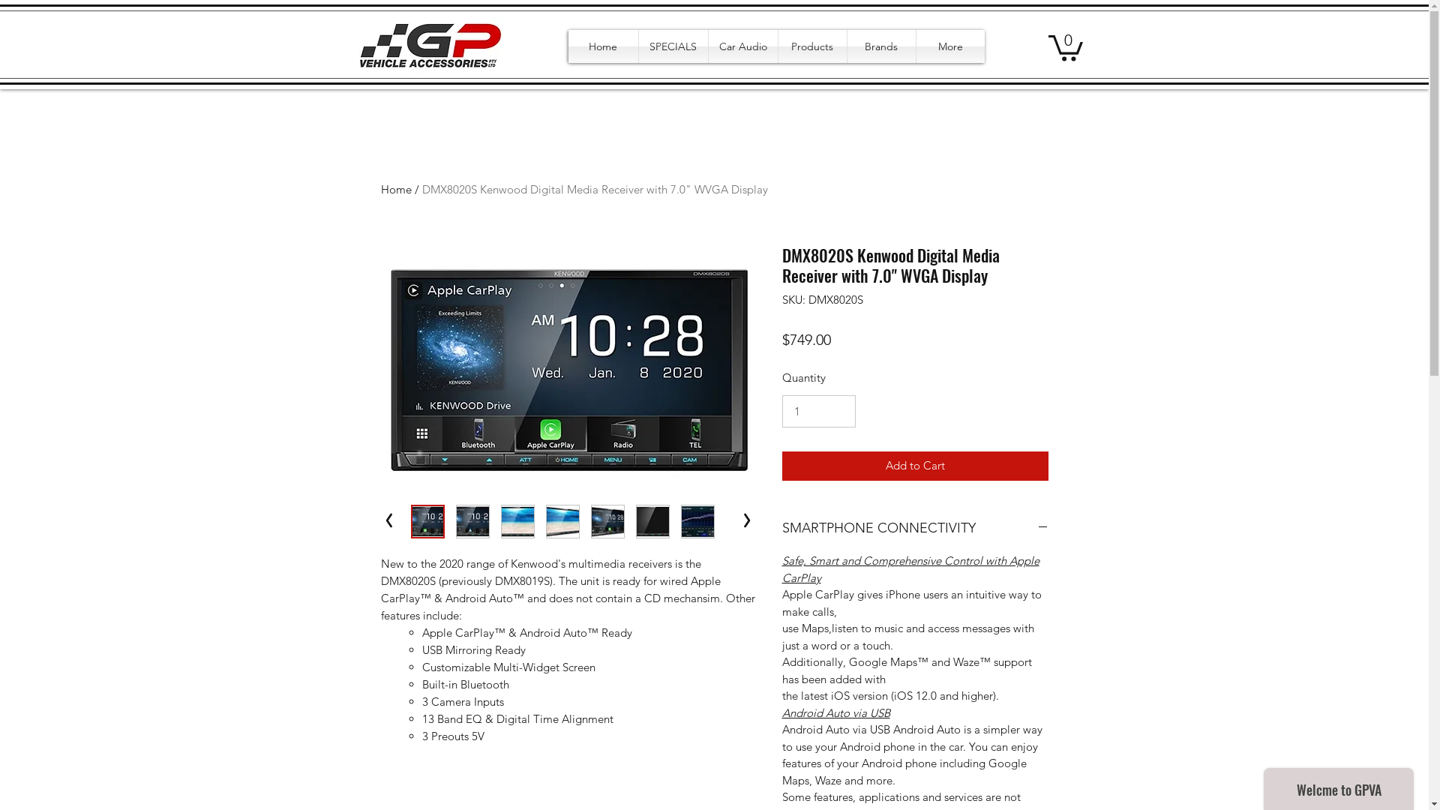 The width and height of the screenshot is (1440, 810). Describe the element at coordinates (913, 465) in the screenshot. I see `'Add to Cart'` at that location.